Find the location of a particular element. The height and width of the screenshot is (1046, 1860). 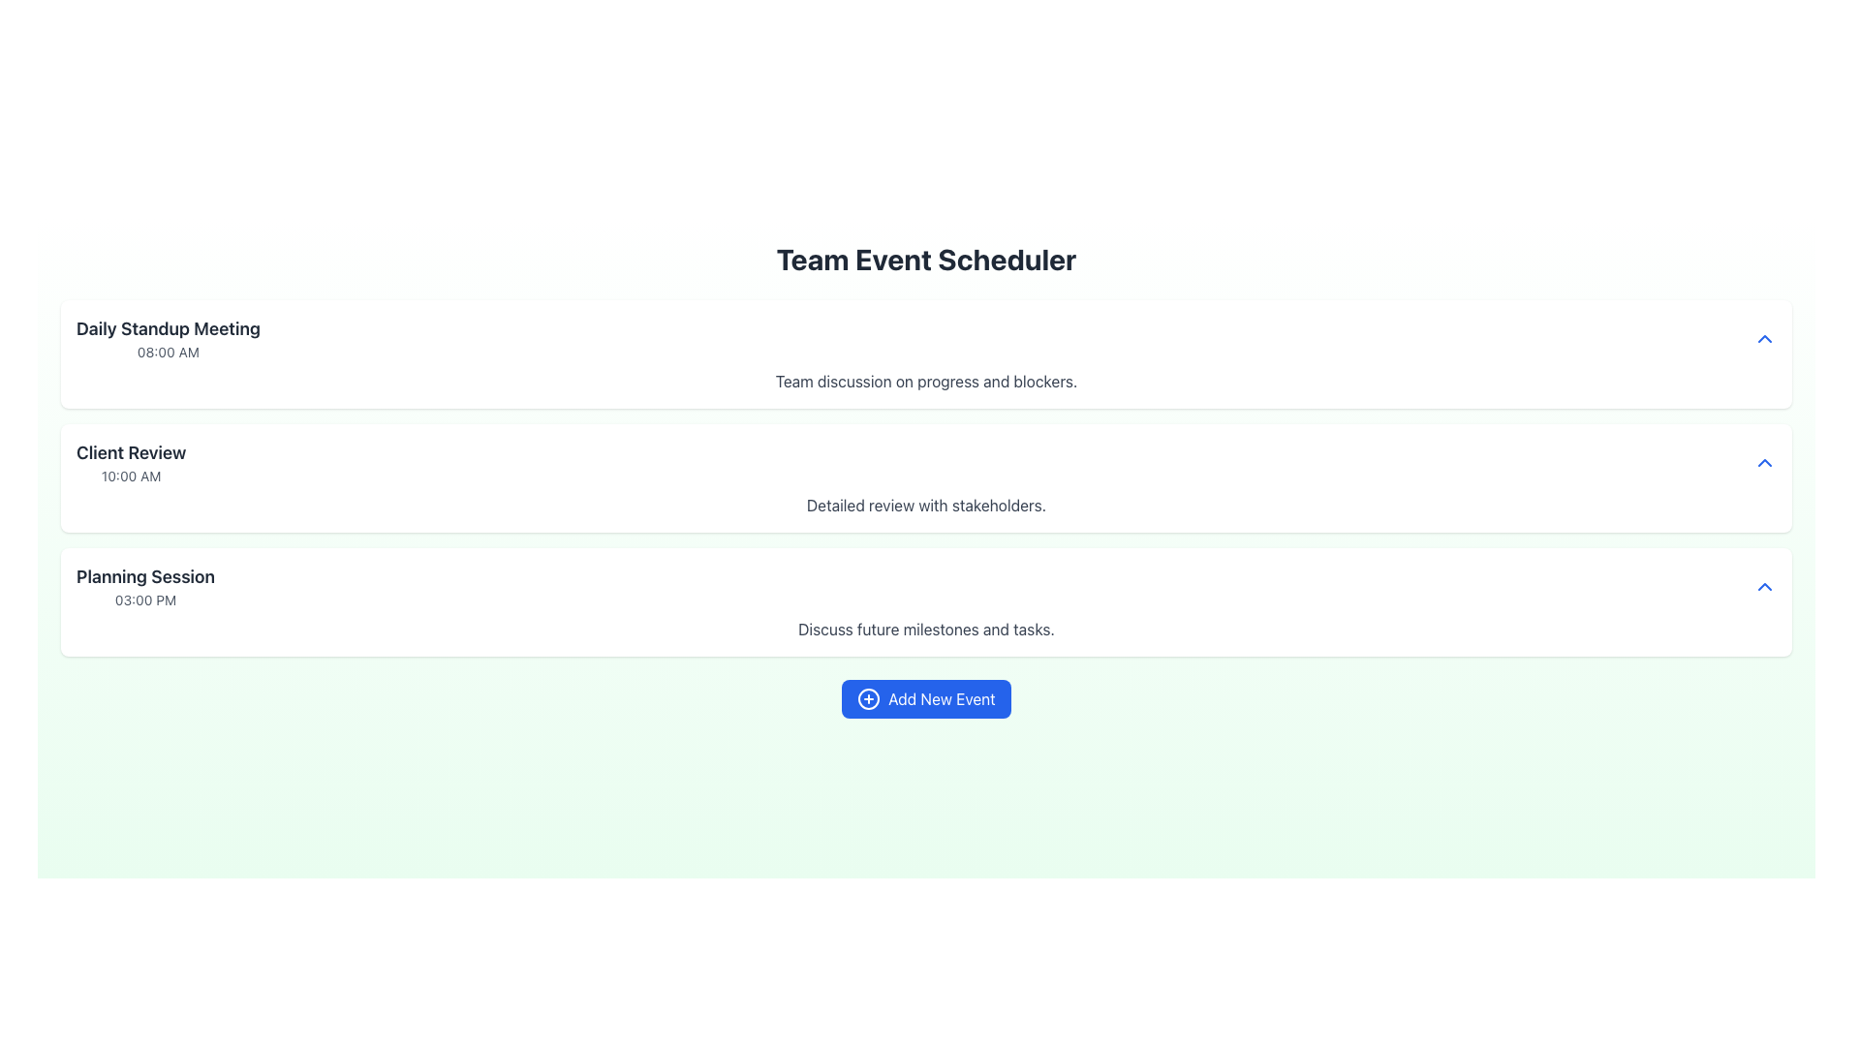

the 'Team Event Scheduler' text label, which is a bold, extra-large heading displayed in dark gray at the top of the interface is located at coordinates (925, 258).